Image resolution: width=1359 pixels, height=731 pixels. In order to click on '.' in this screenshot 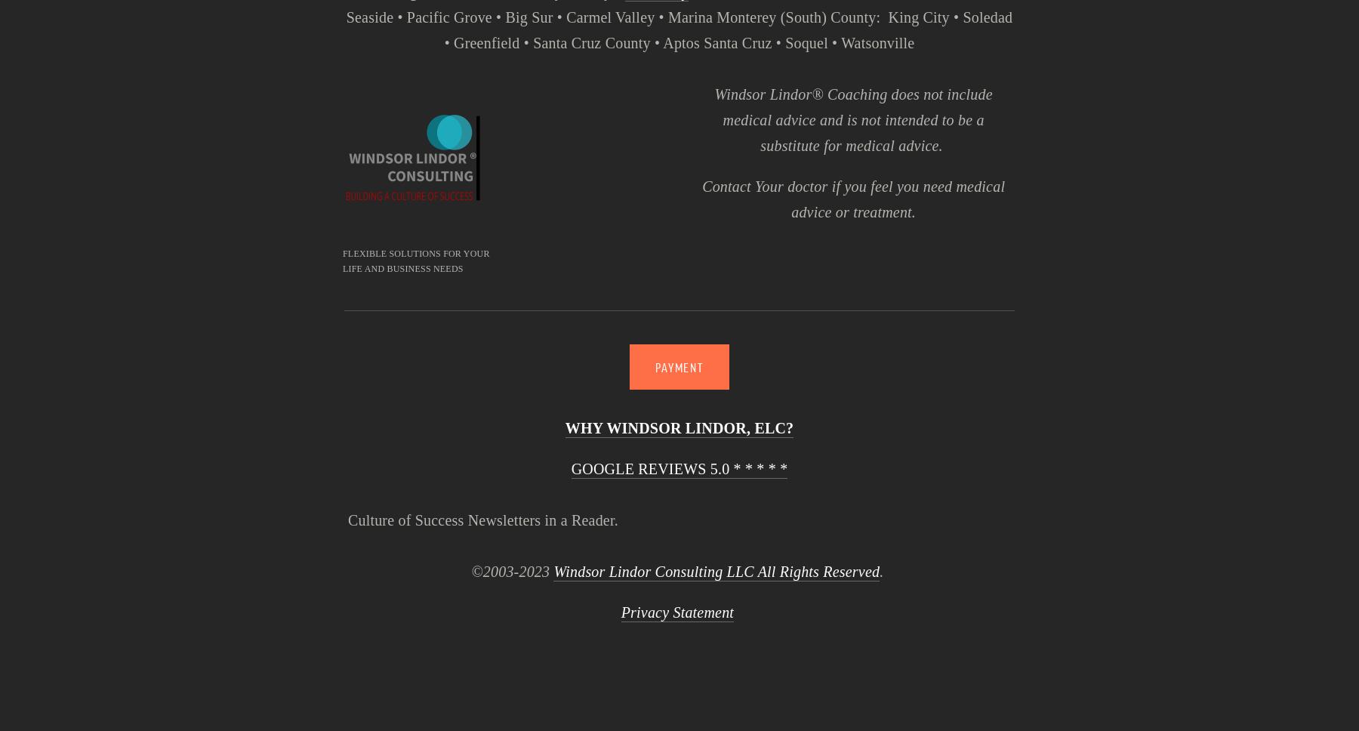, I will do `click(883, 571)`.